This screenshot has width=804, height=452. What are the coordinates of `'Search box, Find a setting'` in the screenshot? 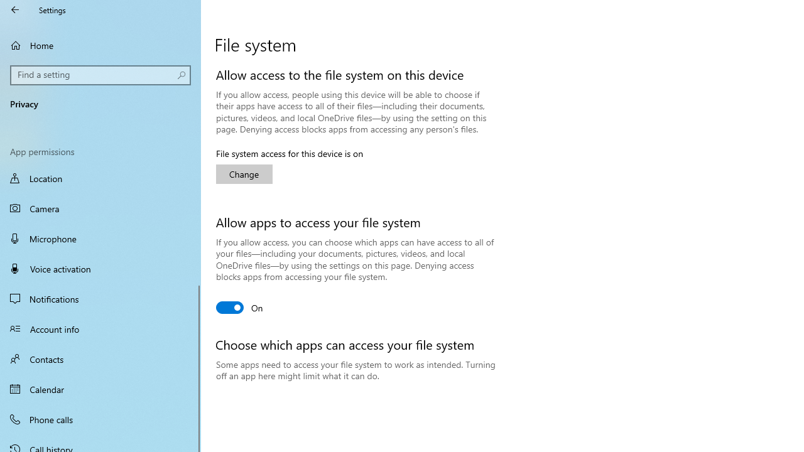 It's located at (100, 75).